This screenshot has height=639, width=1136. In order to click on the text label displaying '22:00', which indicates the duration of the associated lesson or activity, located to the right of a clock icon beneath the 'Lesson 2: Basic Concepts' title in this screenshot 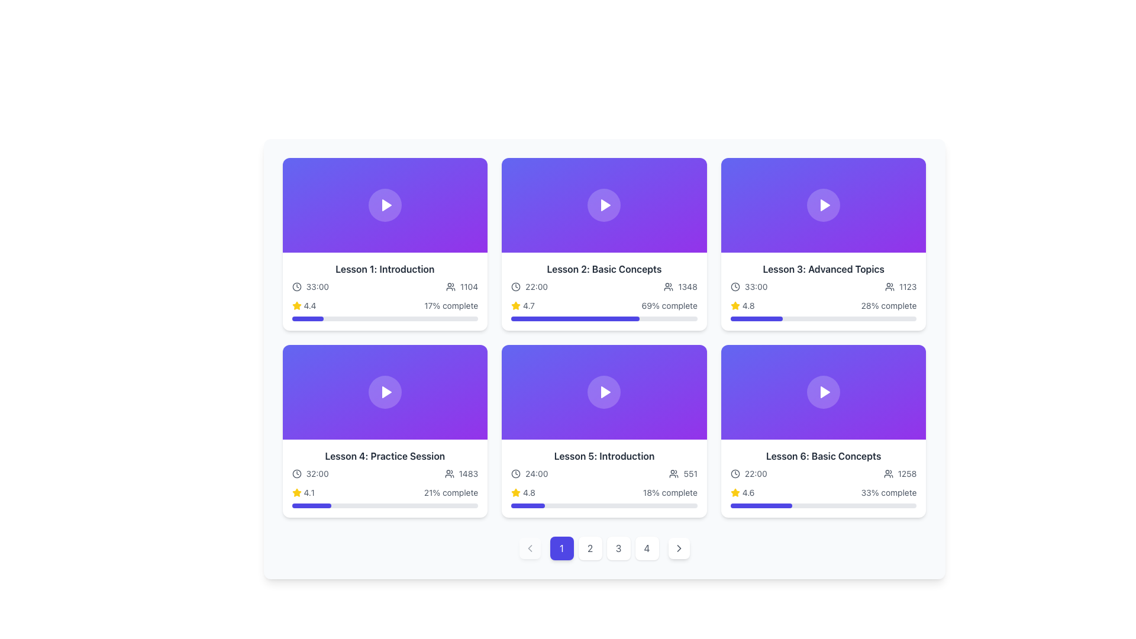, I will do `click(536, 287)`.